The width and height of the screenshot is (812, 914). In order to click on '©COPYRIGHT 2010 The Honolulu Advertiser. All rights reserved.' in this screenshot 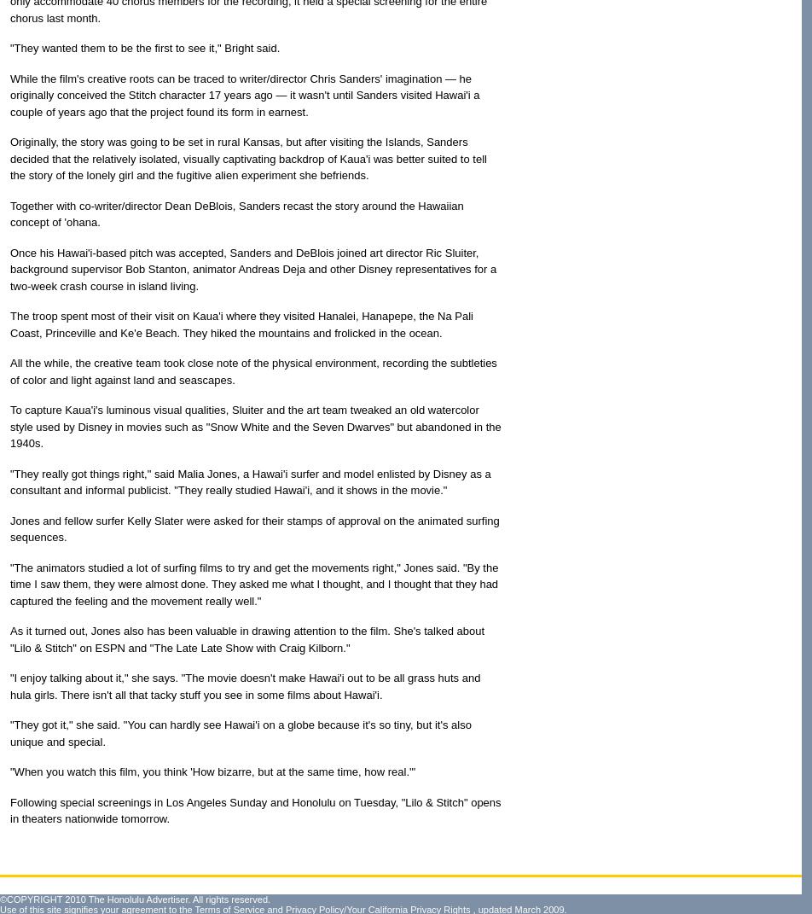, I will do `click(135, 899)`.